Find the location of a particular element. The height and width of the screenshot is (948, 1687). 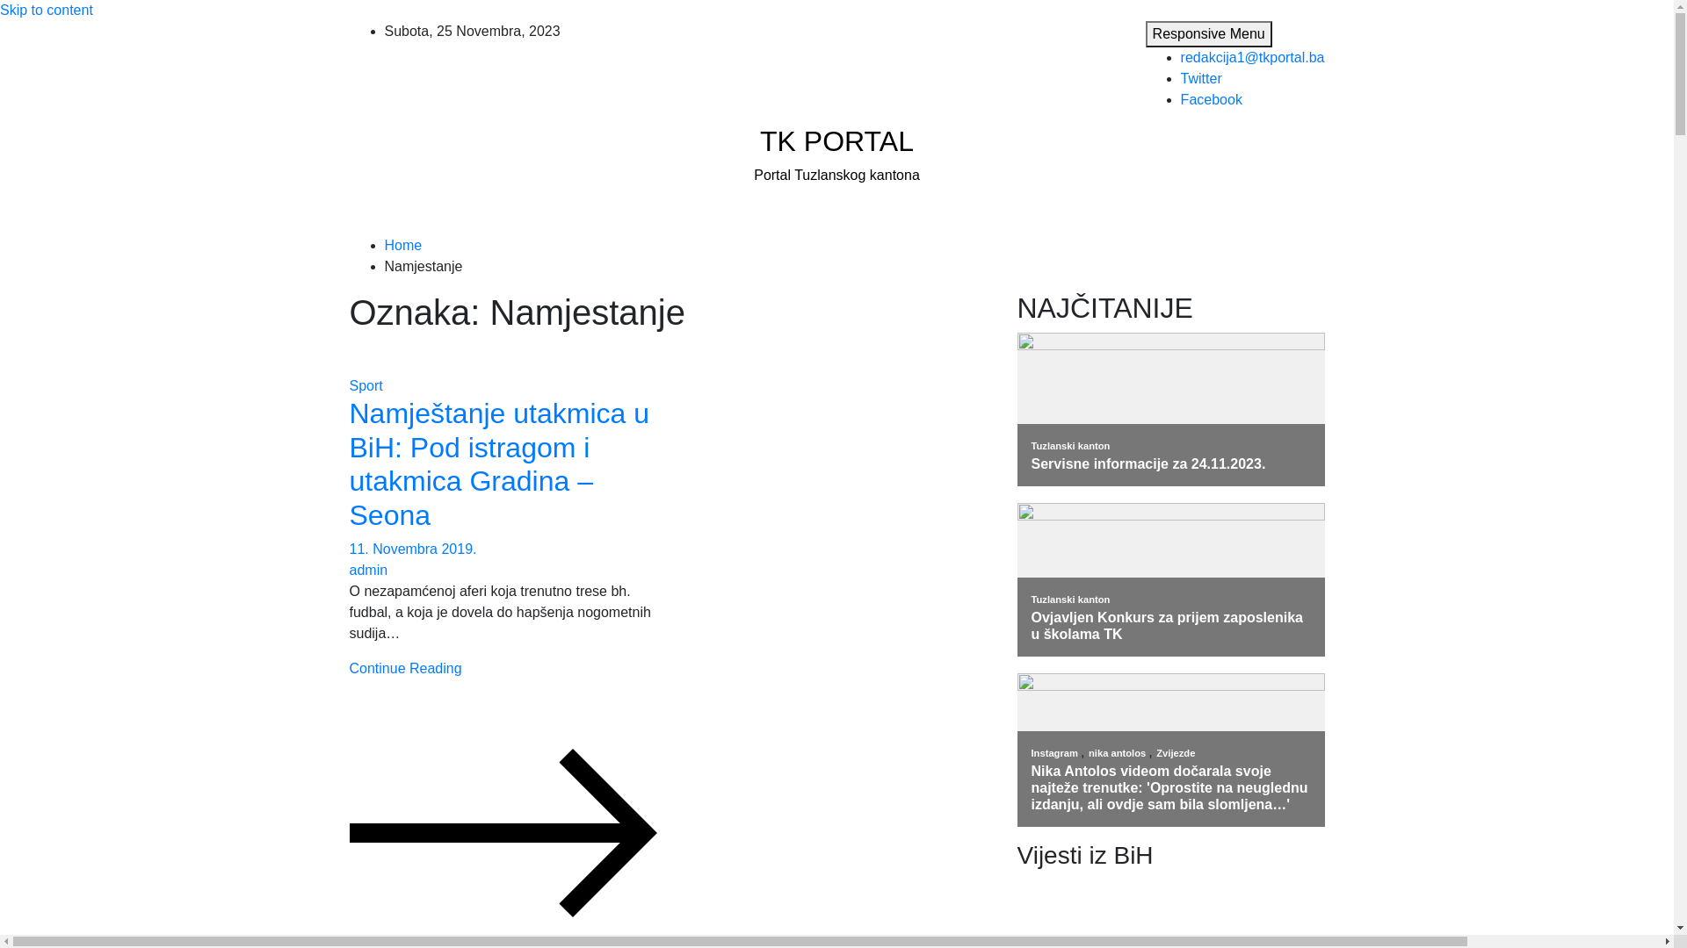

'Responsive Menu' is located at coordinates (1208, 33).